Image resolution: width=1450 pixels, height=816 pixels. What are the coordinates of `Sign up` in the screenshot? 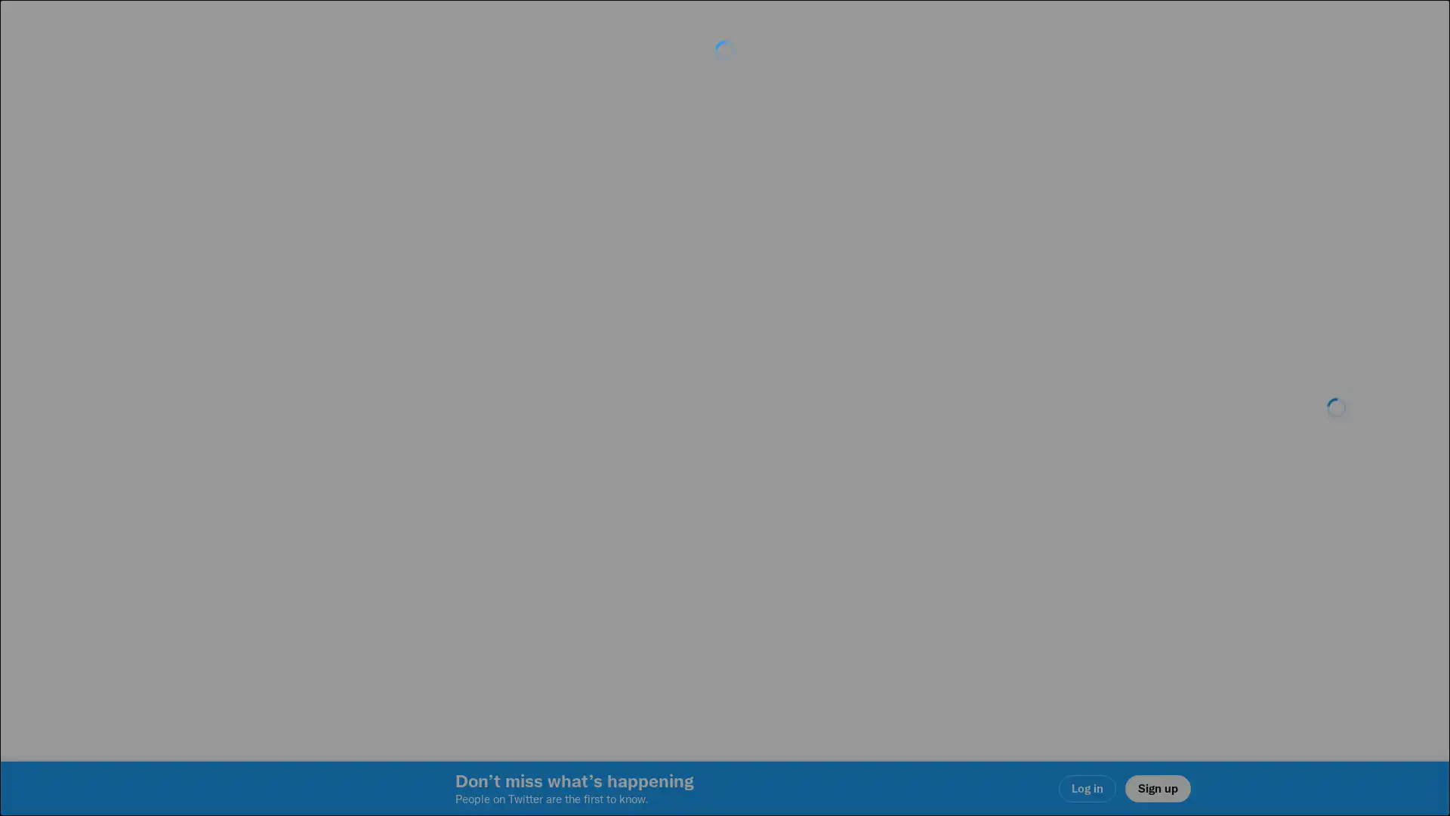 It's located at (545, 515).